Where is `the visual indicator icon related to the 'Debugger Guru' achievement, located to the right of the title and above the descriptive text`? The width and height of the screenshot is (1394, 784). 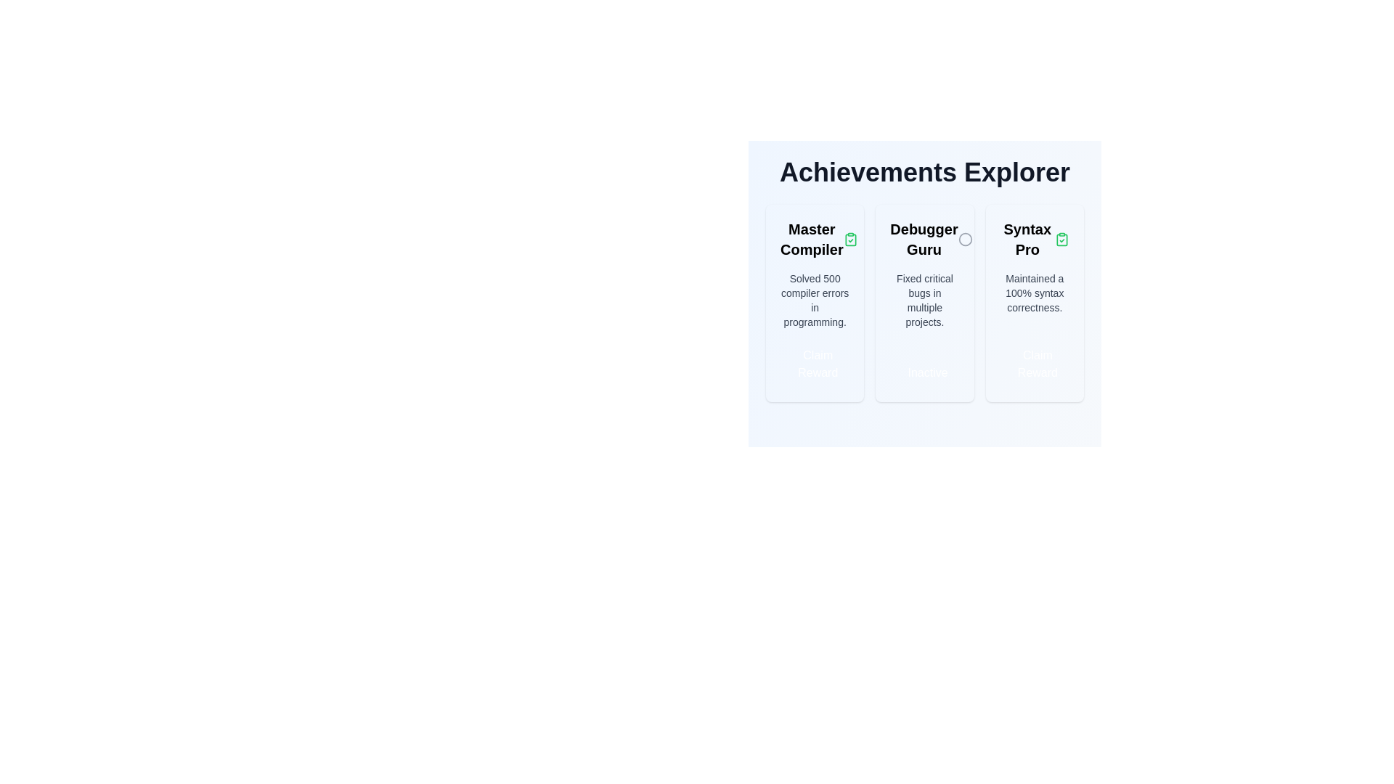
the visual indicator icon related to the 'Debugger Guru' achievement, located to the right of the title and above the descriptive text is located at coordinates (965, 239).